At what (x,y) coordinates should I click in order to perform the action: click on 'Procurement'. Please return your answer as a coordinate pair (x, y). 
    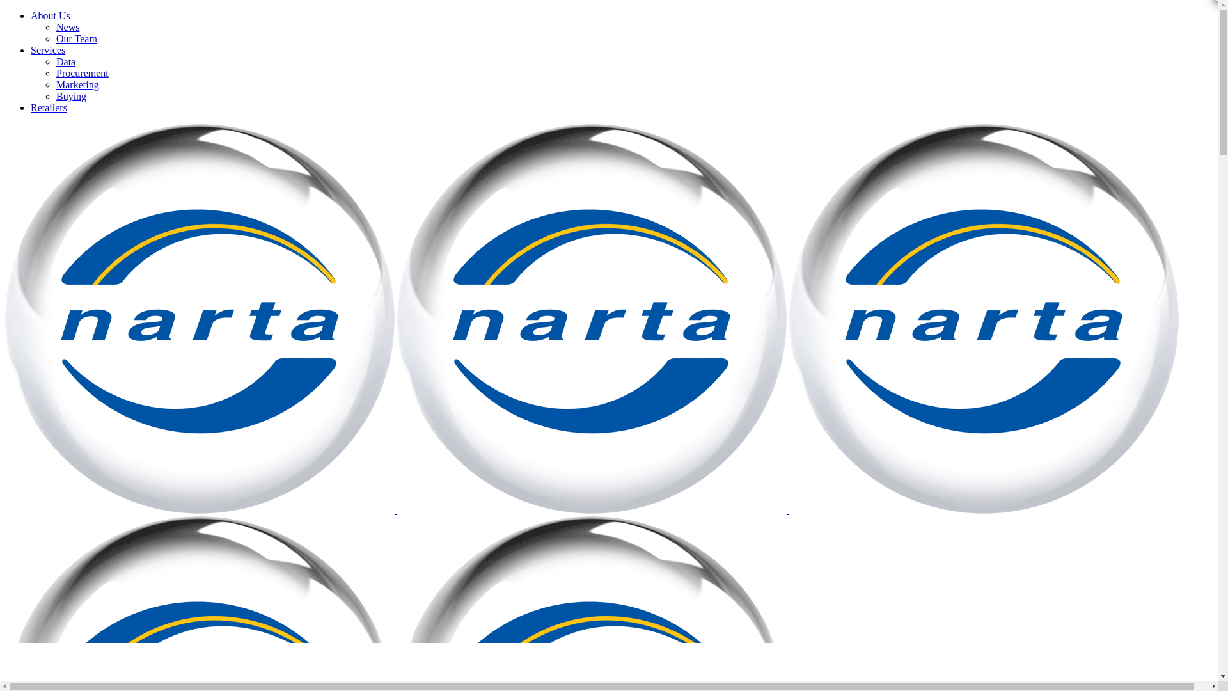
    Looking at the image, I should click on (82, 73).